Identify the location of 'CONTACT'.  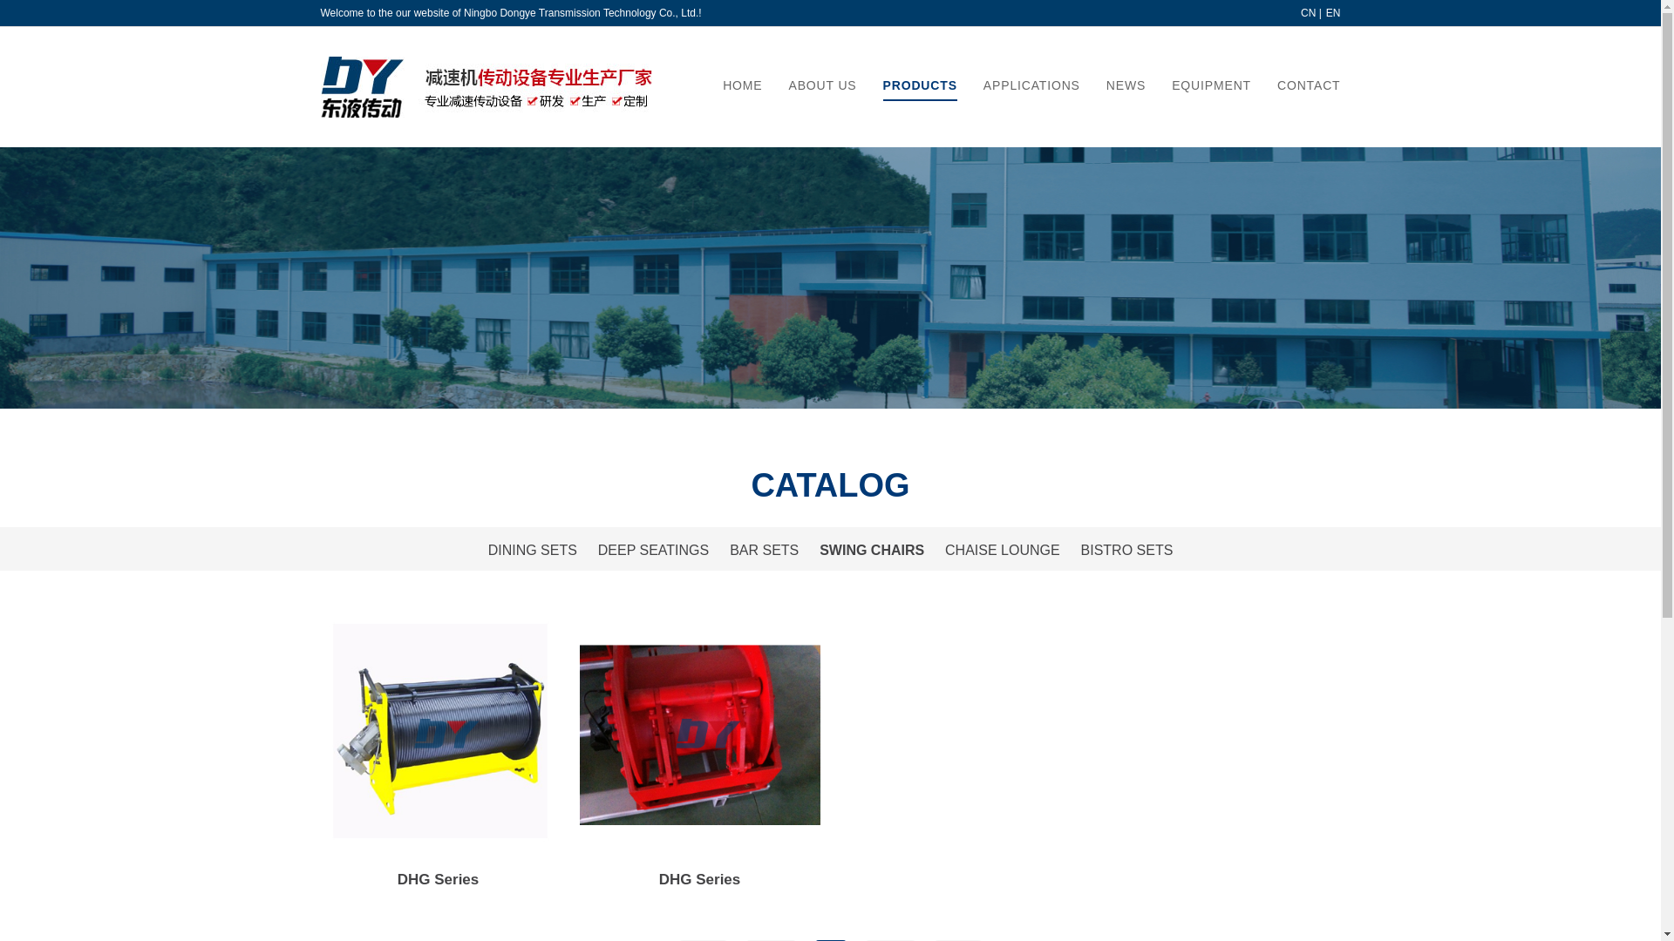
(1276, 85).